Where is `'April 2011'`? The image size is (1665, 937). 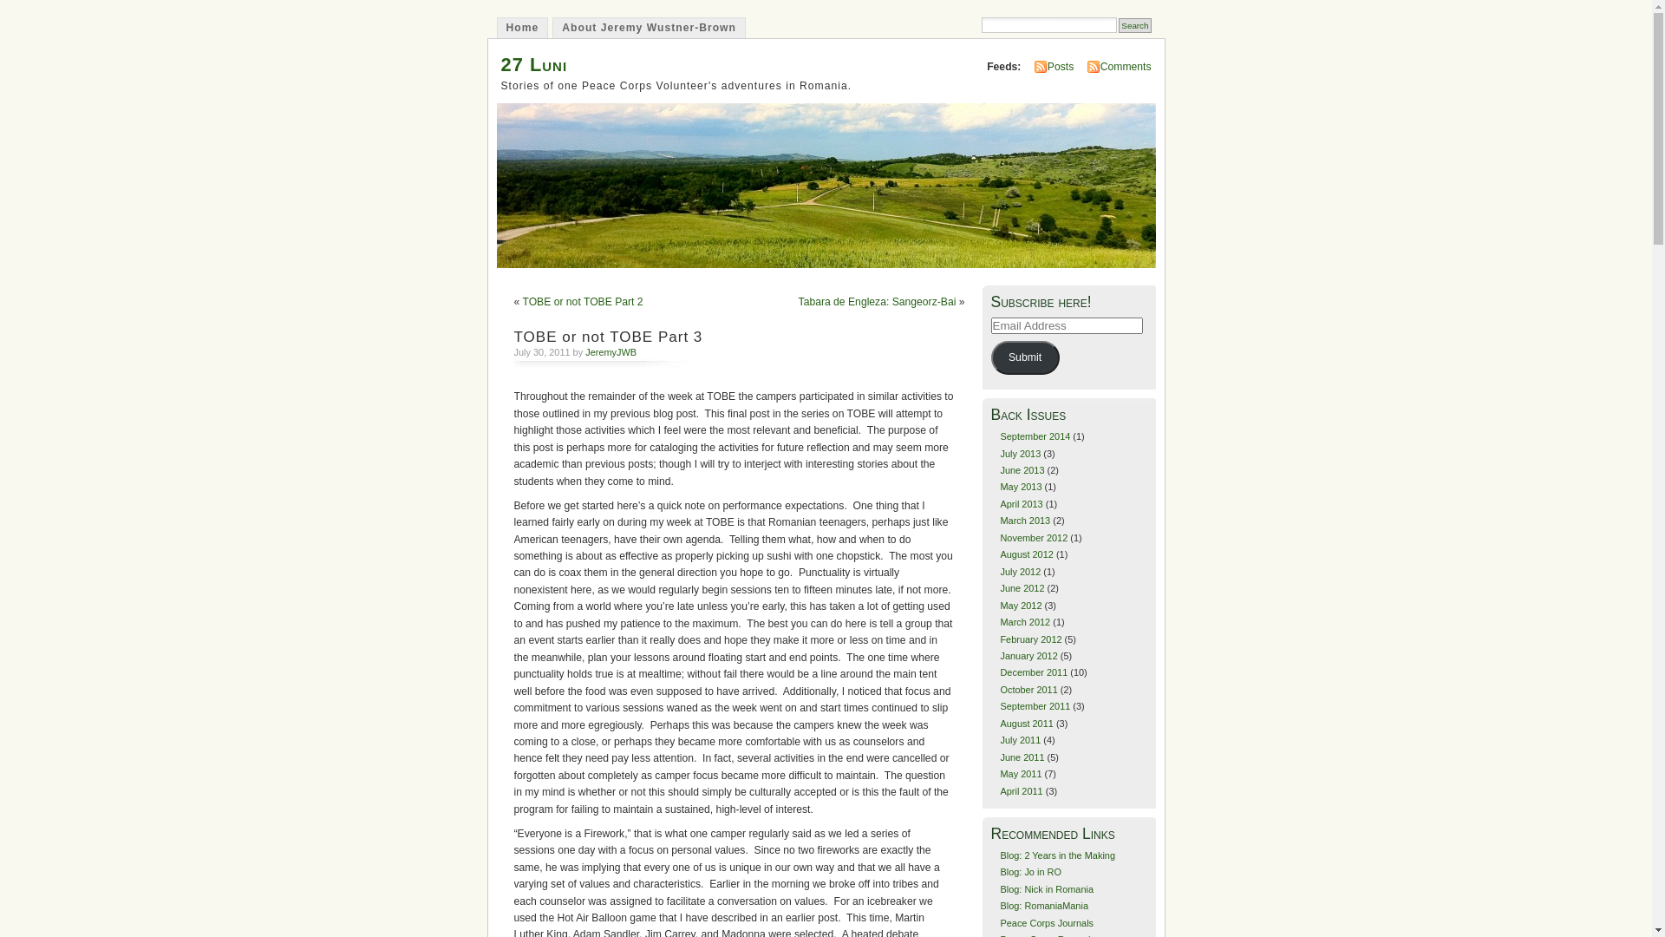 'April 2011' is located at coordinates (1021, 790).